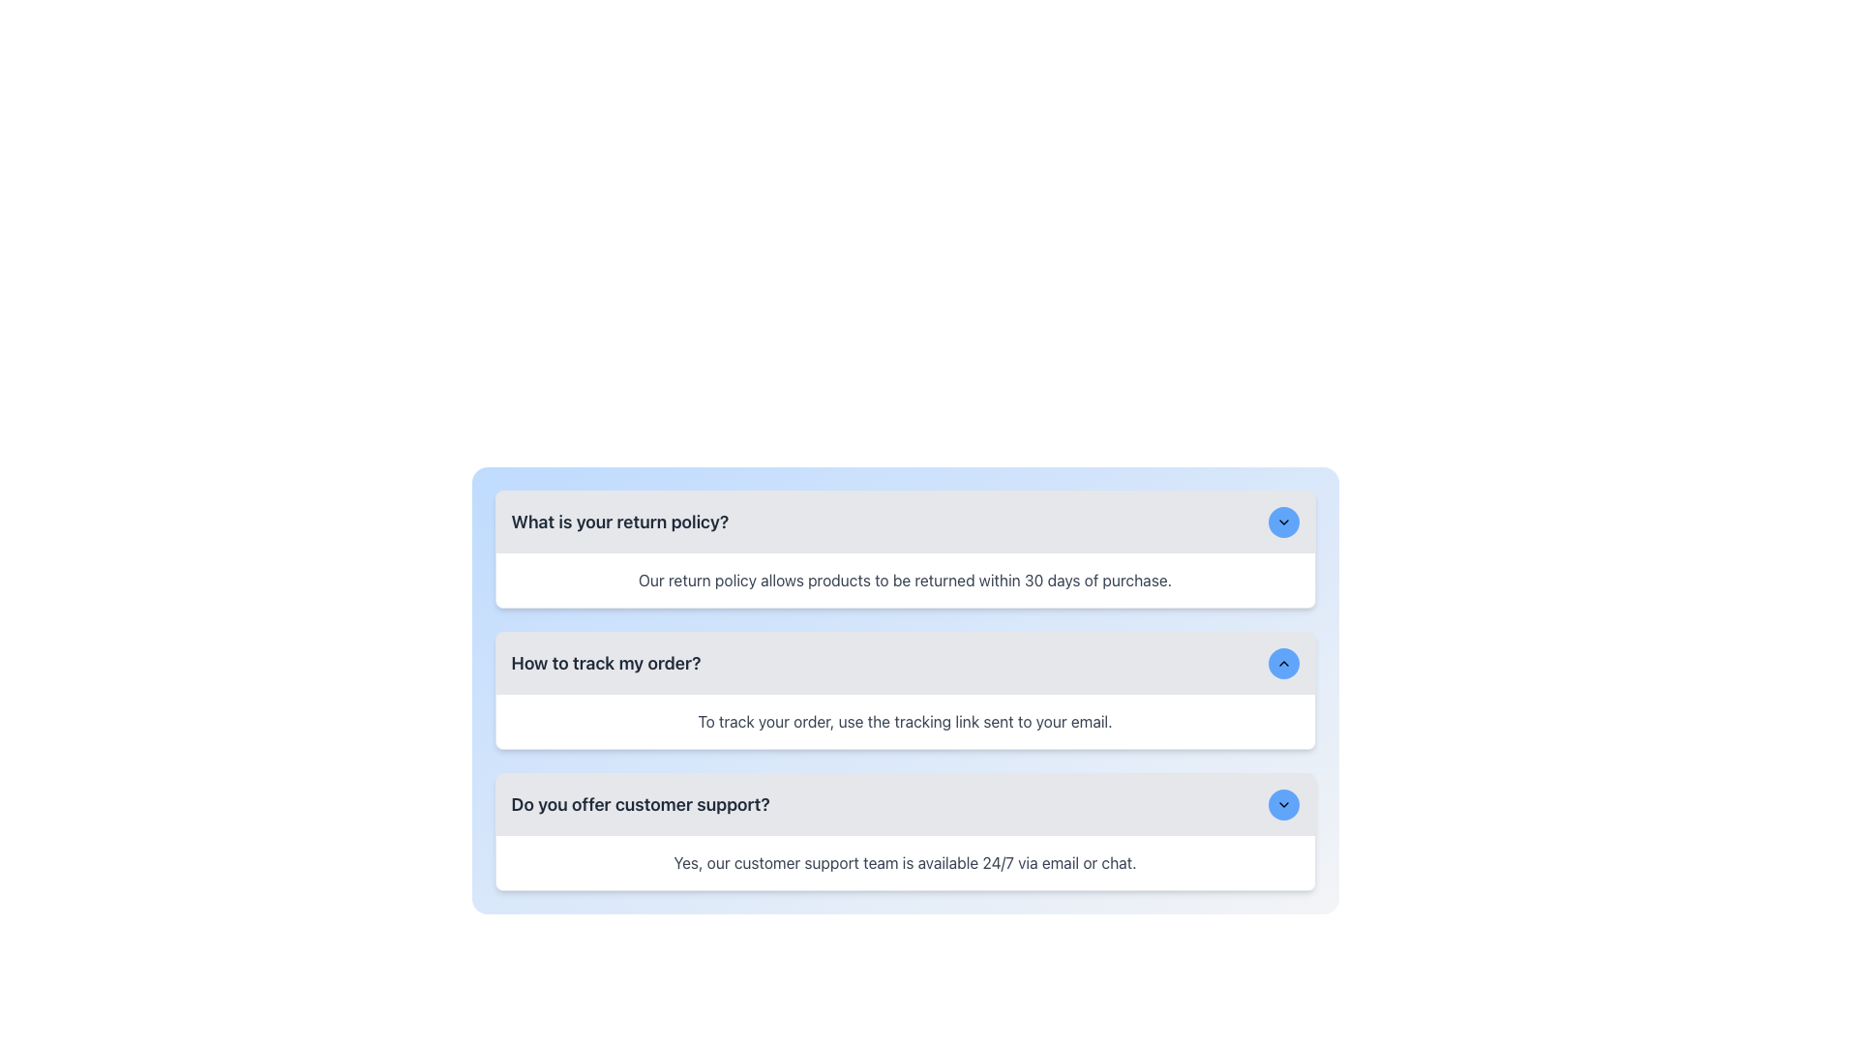 This screenshot has width=1858, height=1045. Describe the element at coordinates (904, 580) in the screenshot. I see `the static text block that reads 'Our return policy allows products to be returned within 30 days of purchase.' located beneath the question 'What is your return policy?' in the FAQ section` at that location.